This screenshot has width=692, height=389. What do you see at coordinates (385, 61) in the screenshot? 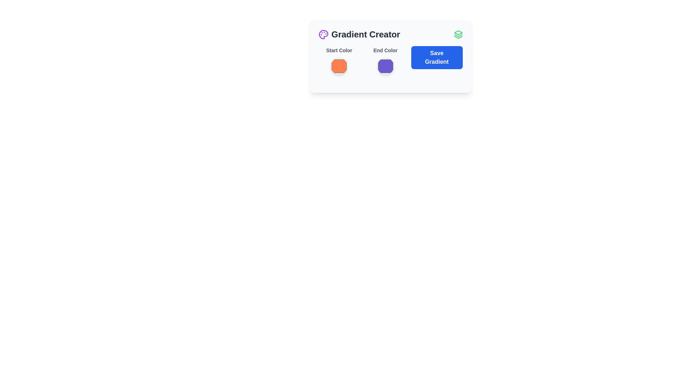
I see `the second circular color selector in the Color Picker component` at bounding box center [385, 61].